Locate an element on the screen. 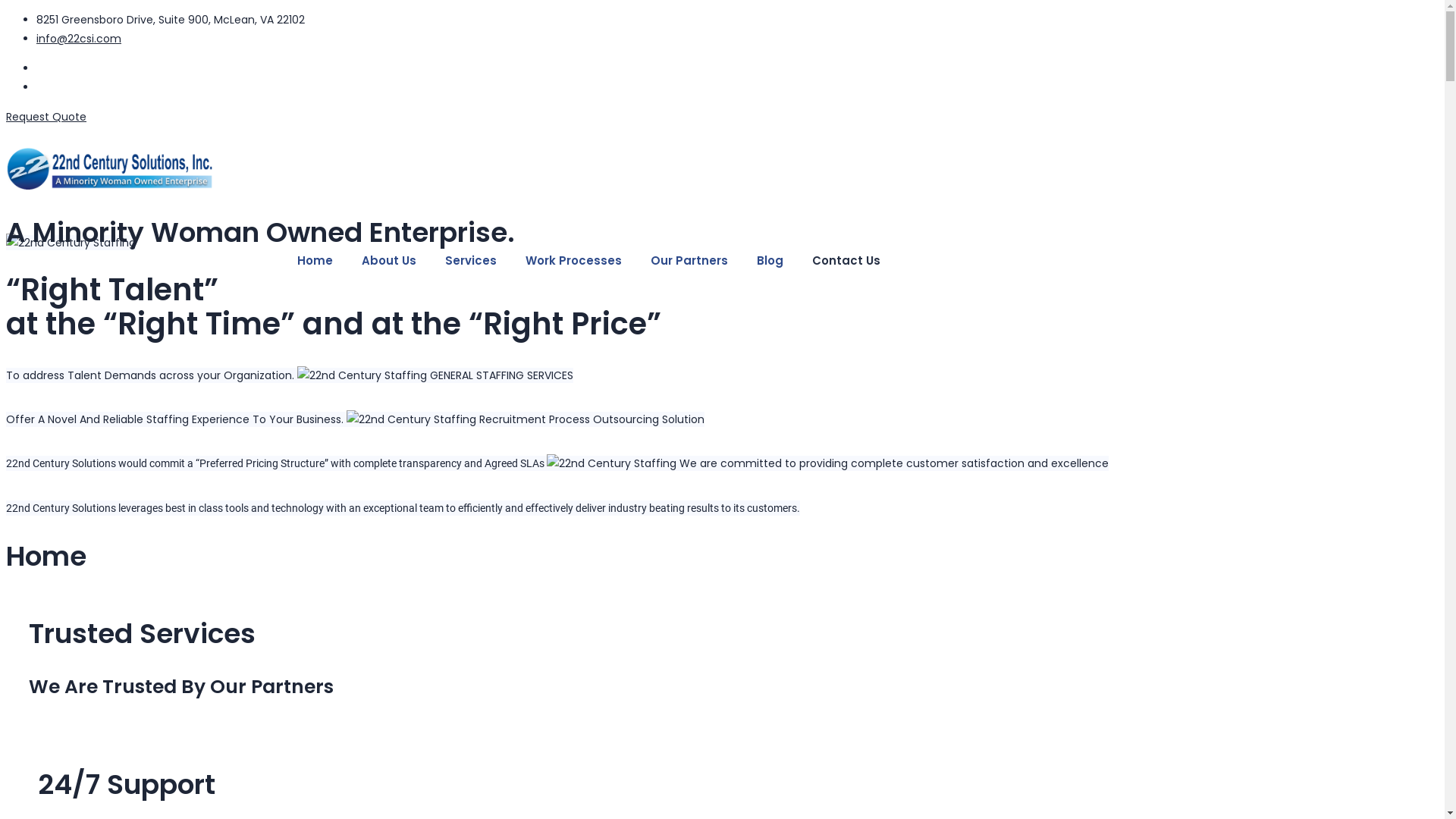  'About Us' is located at coordinates (389, 259).